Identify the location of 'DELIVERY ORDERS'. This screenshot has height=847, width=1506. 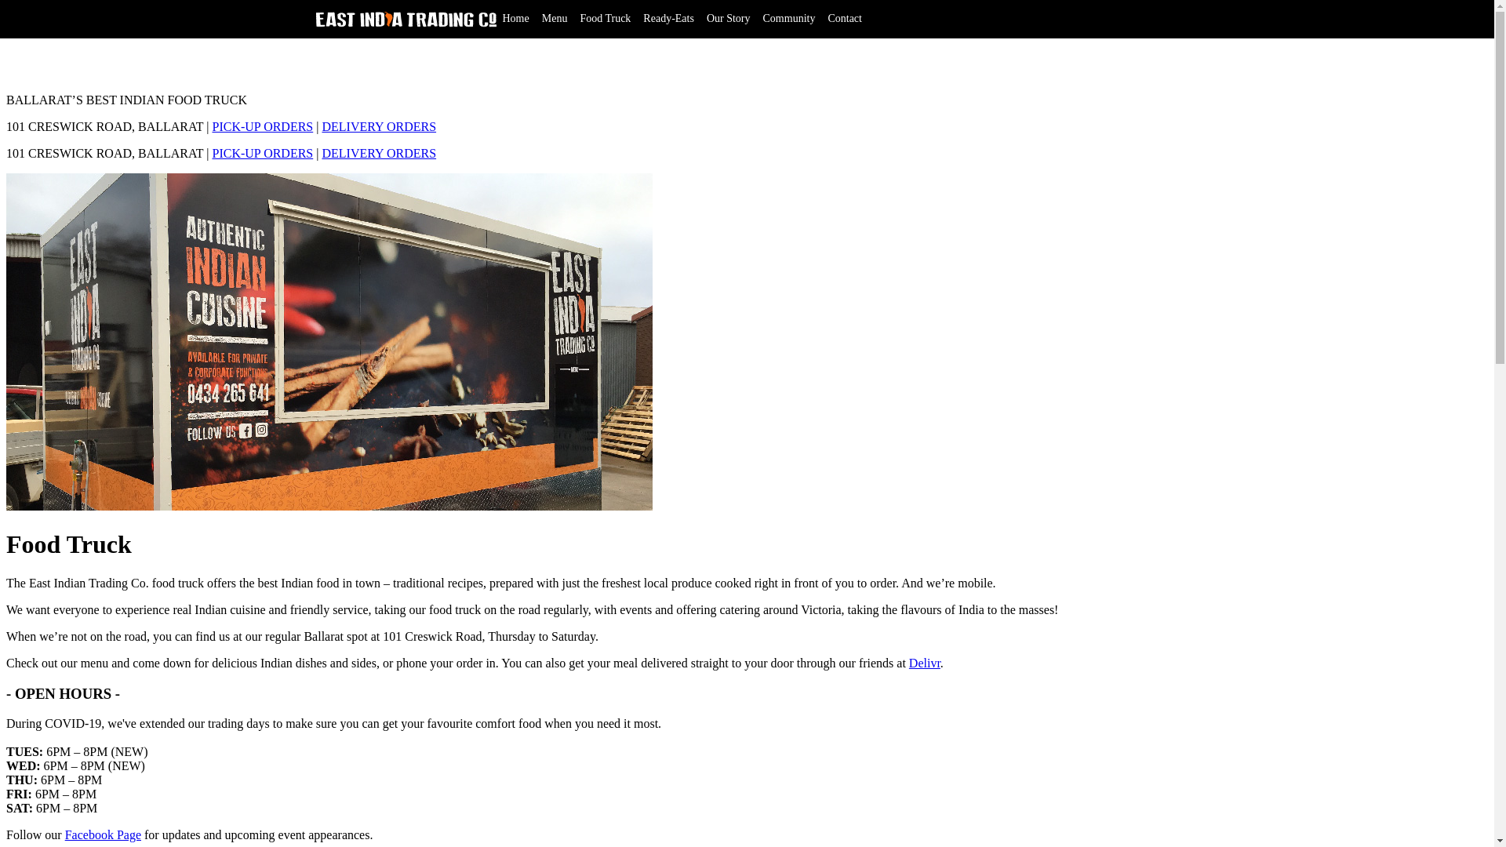
(379, 125).